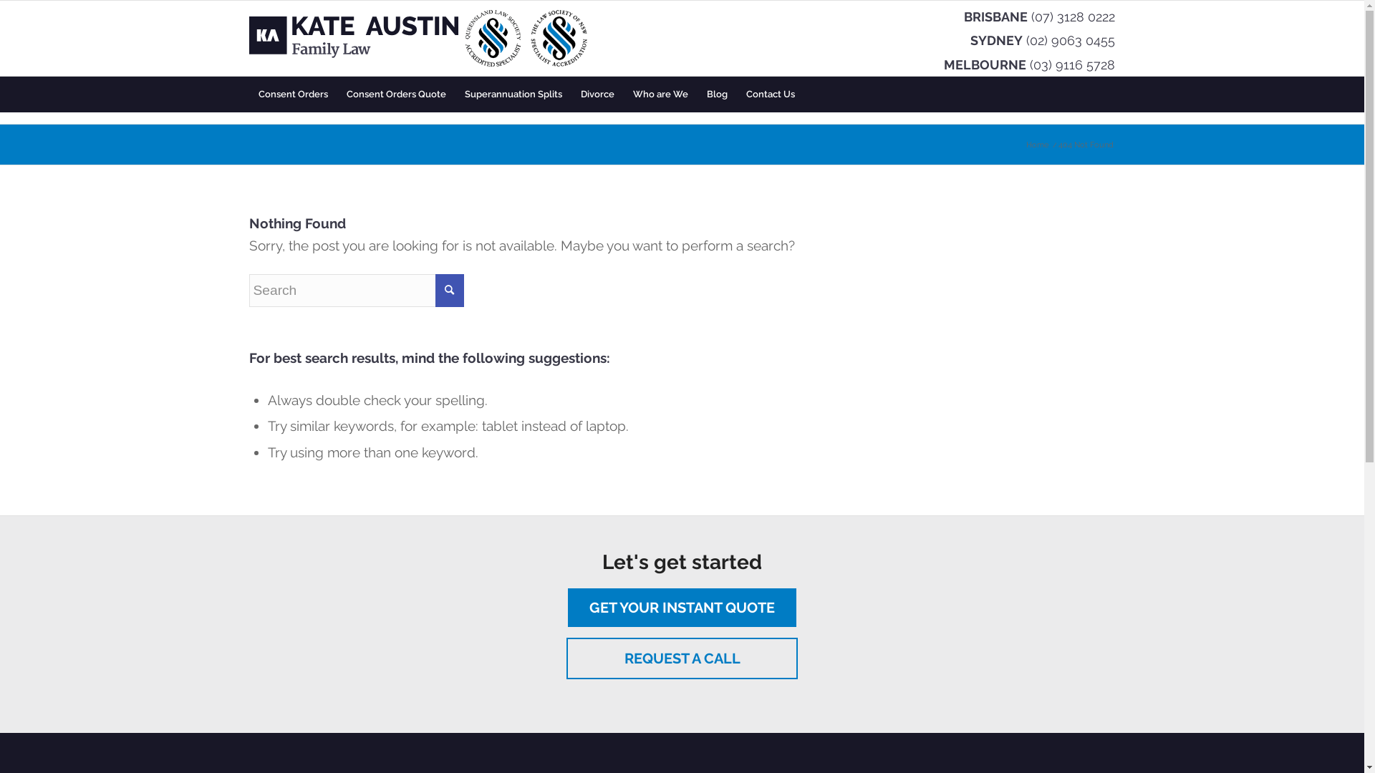 This screenshot has width=1375, height=773. What do you see at coordinates (698, 94) in the screenshot?
I see `'Blog'` at bounding box center [698, 94].